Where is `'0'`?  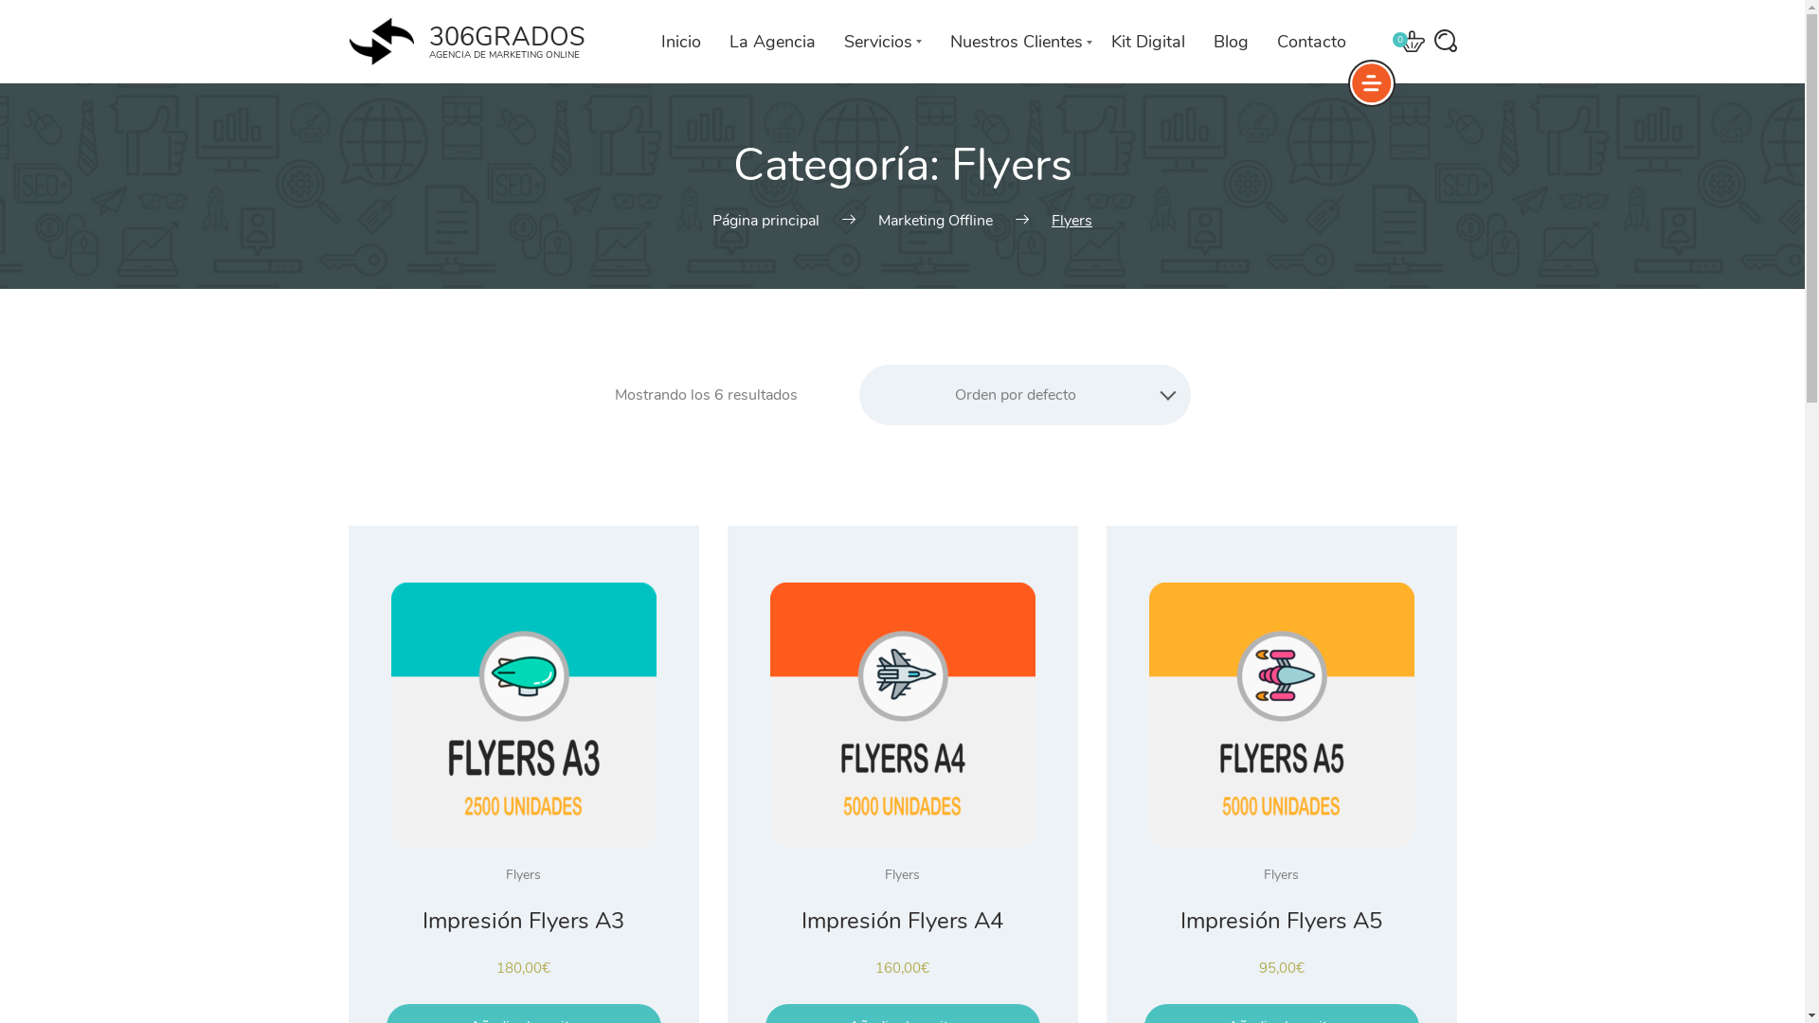 '0' is located at coordinates (1411, 42).